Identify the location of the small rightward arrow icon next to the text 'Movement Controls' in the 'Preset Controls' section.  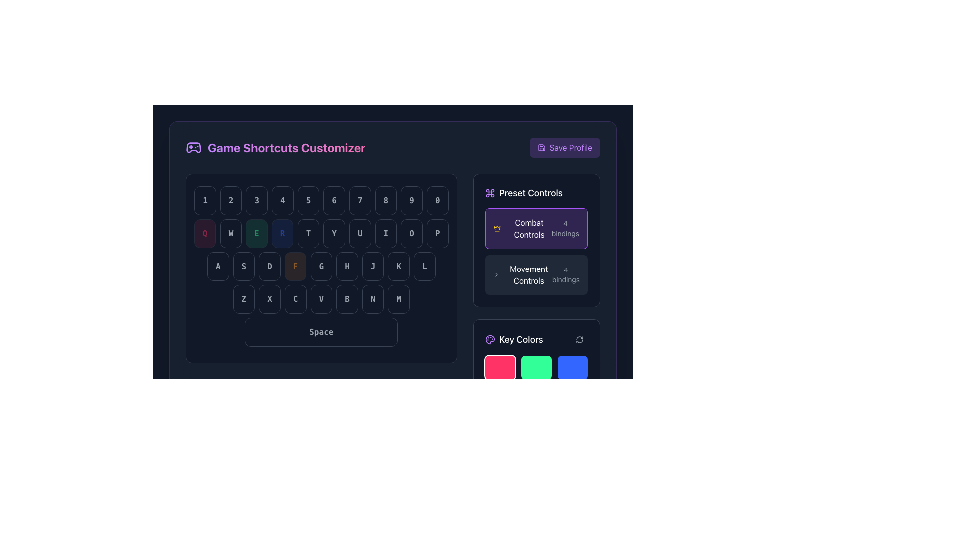
(496, 275).